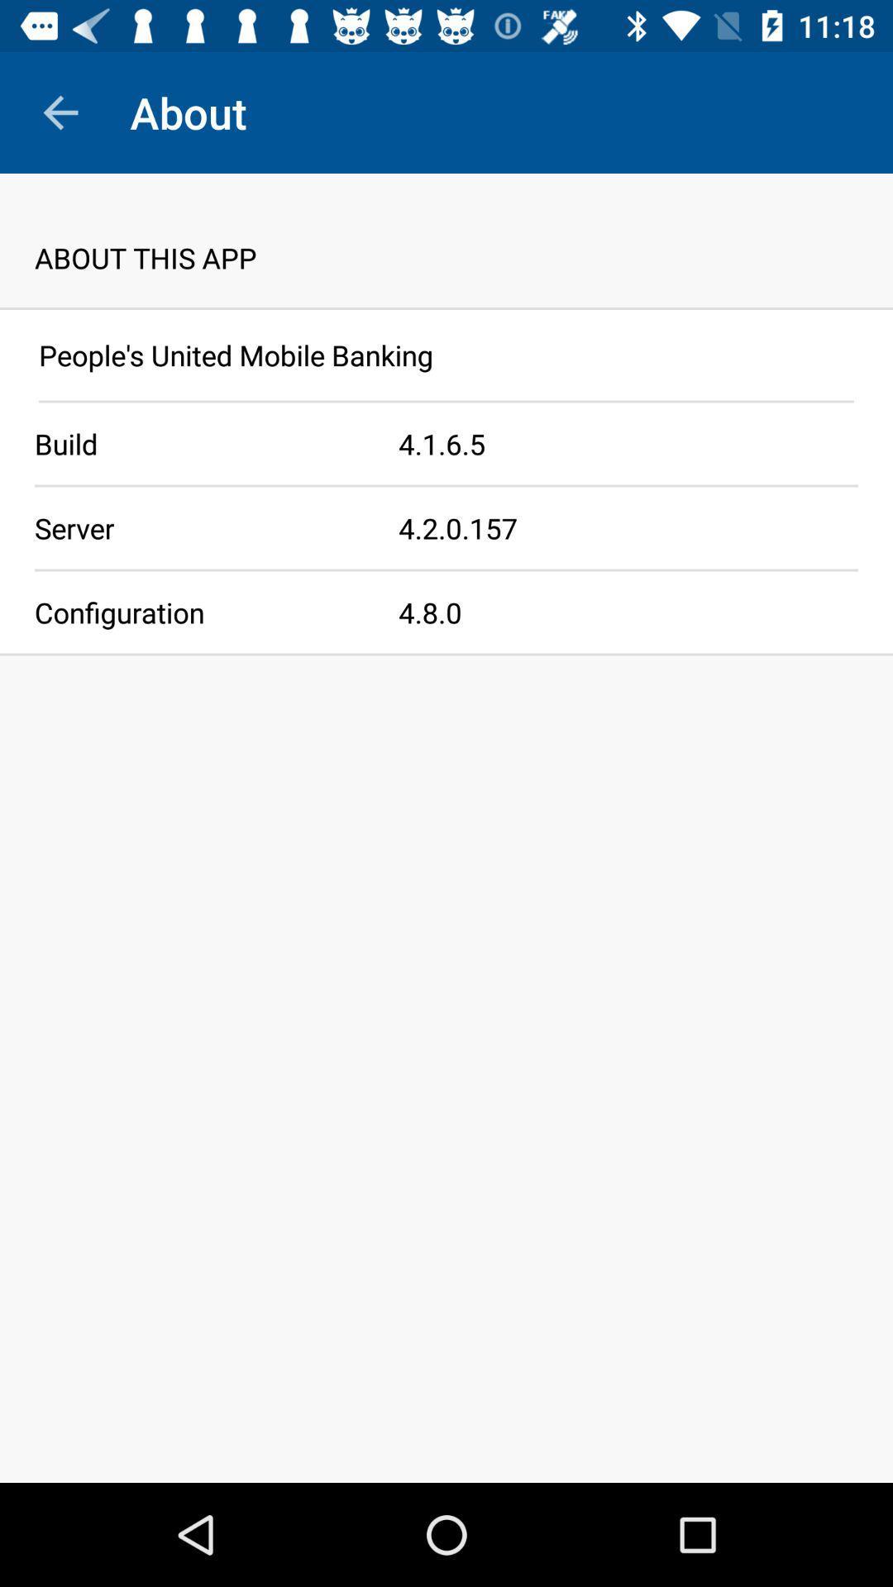 This screenshot has height=1587, width=893. Describe the element at coordinates (60, 112) in the screenshot. I see `the item next to about item` at that location.